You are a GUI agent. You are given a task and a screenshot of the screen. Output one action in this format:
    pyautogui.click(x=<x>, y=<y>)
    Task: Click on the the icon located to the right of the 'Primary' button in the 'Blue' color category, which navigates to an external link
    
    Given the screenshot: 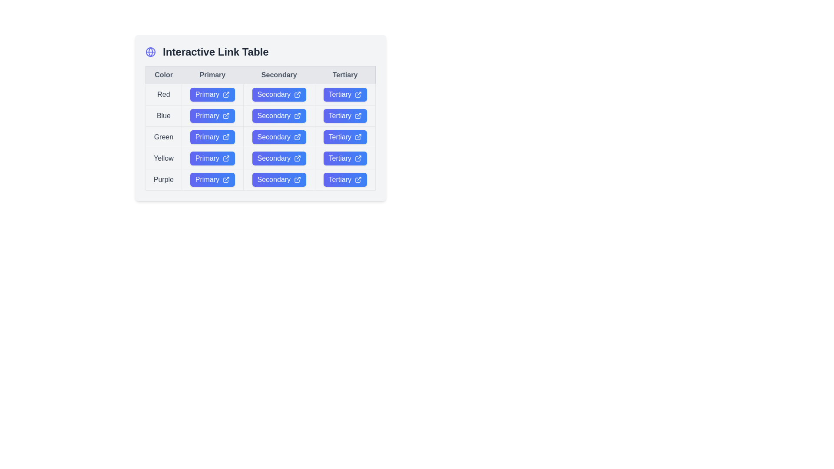 What is the action you would take?
    pyautogui.click(x=226, y=115)
    